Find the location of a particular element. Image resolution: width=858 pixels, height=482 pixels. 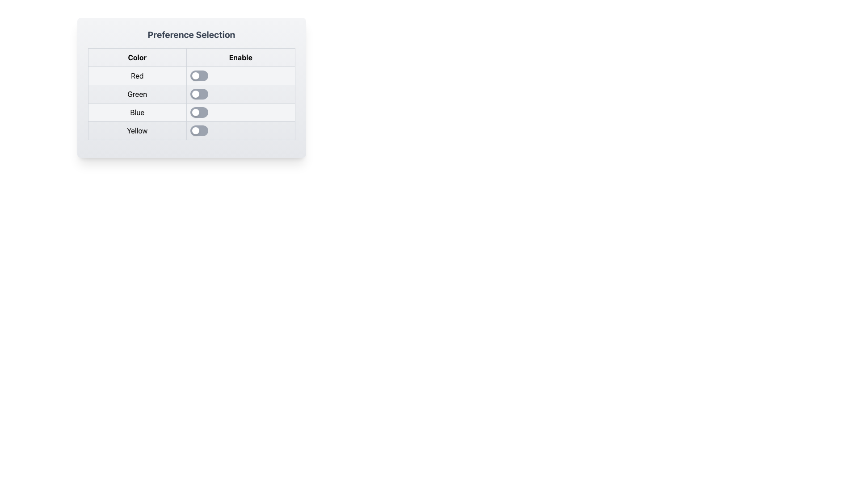

the static text label displaying 'Blue', which is located in the first column of a table row between 'Green' and 'Yellow' is located at coordinates (137, 112).